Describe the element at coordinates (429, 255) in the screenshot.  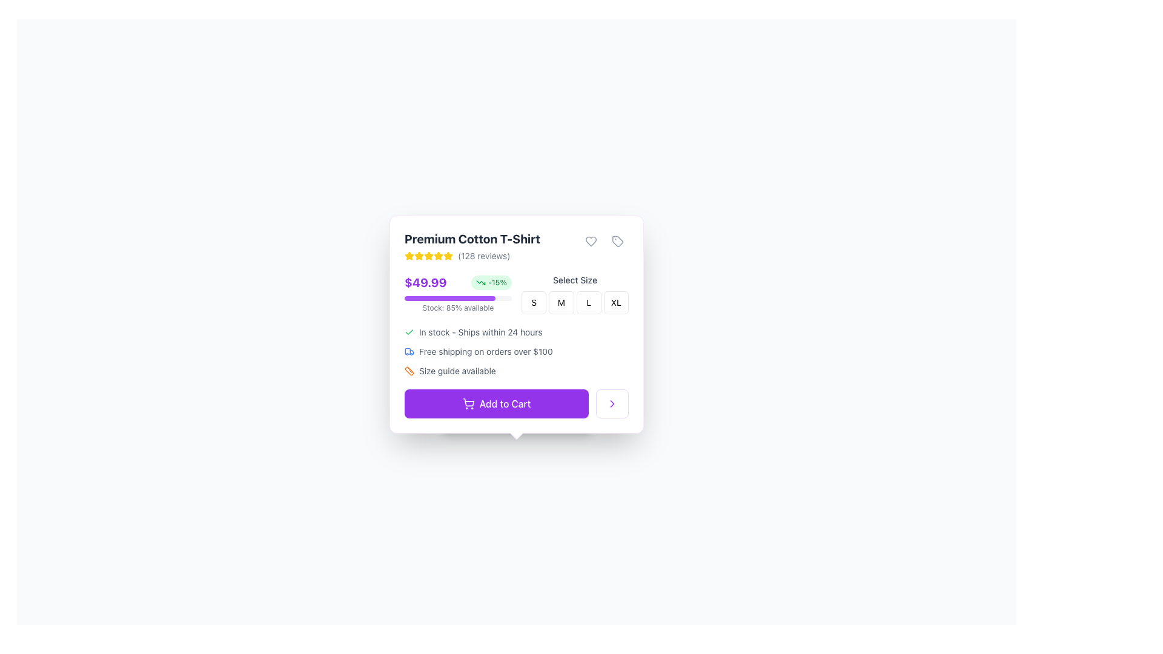
I see `the fourth yellow star icon in the product rating component, which is located near the top left of the product detail card` at that location.